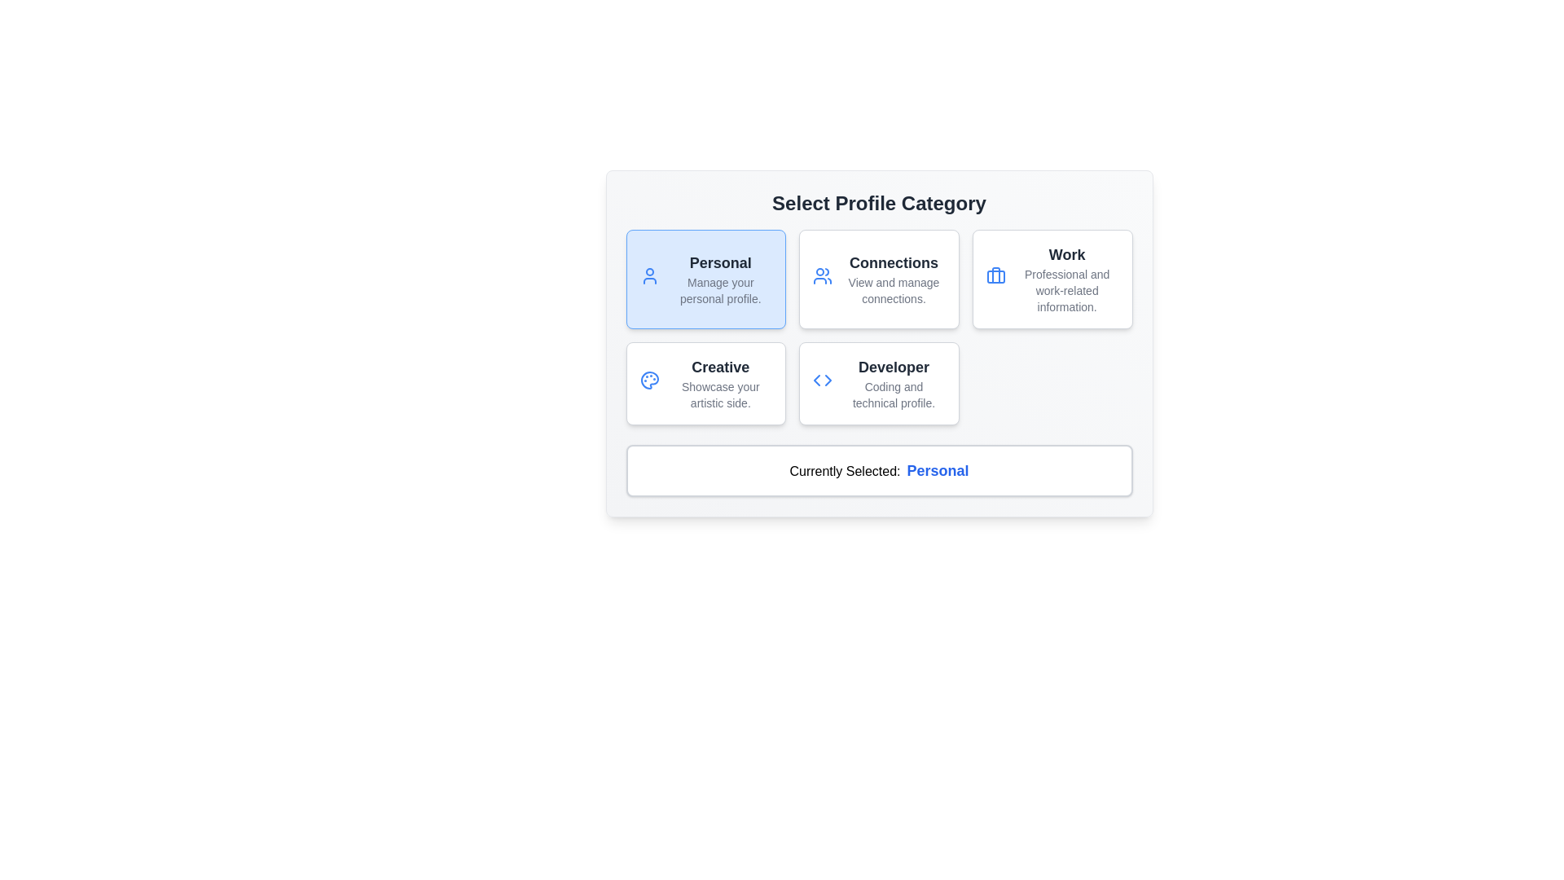 Image resolution: width=1564 pixels, height=880 pixels. What do you see at coordinates (705, 279) in the screenshot?
I see `the 'Personal' profile management Information Card located at the top-left corner of the grid layout` at bounding box center [705, 279].